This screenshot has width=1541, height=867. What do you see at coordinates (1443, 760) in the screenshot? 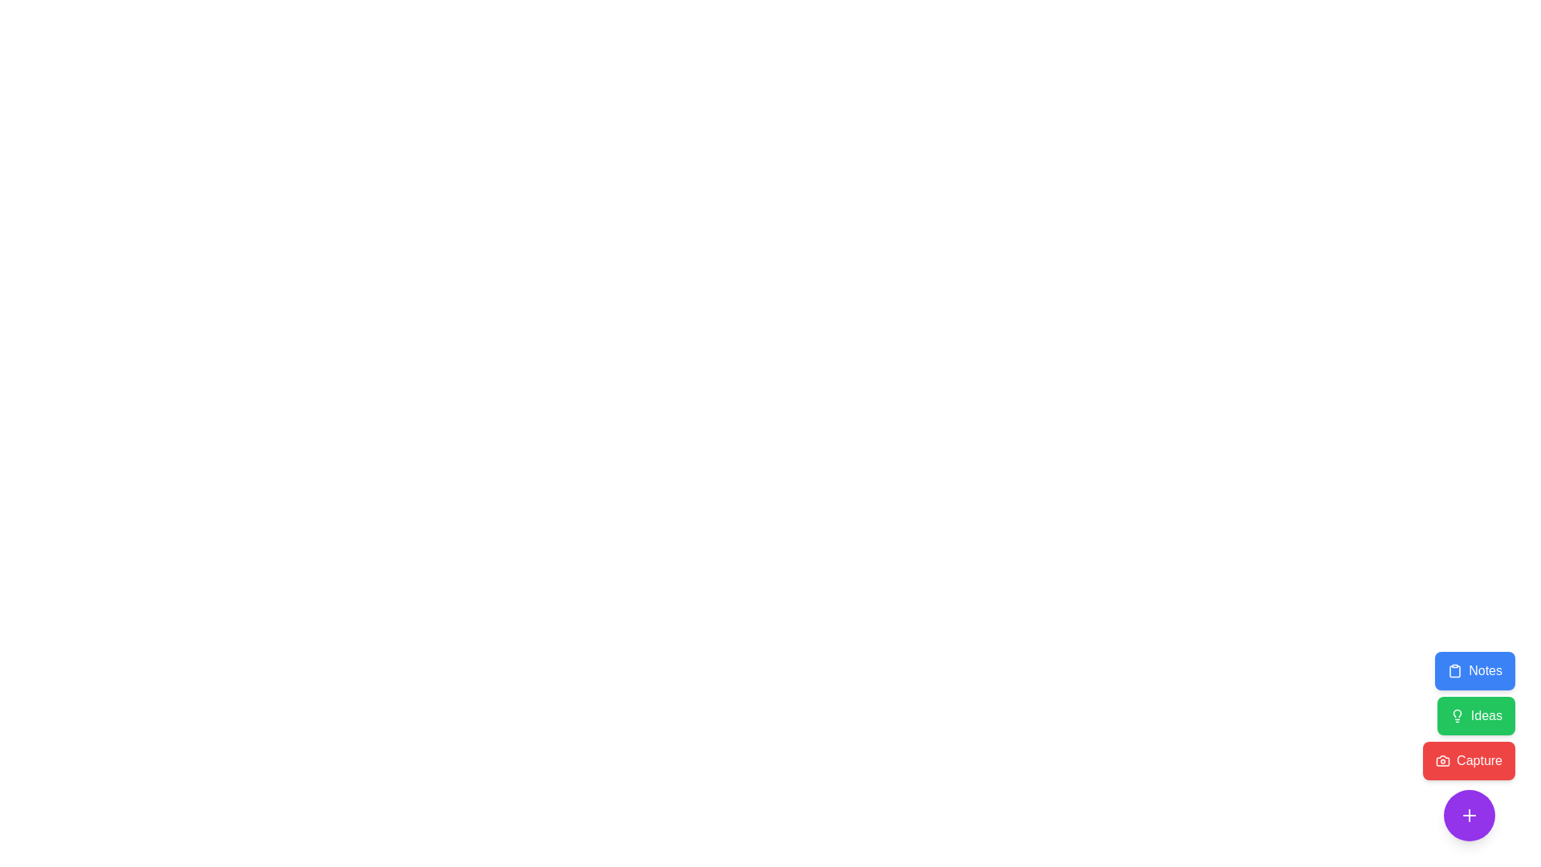
I see `the camera icon located inside the red 'Capture' button, which is part of a vertically stacked button group on the lower-right edge of the interface` at bounding box center [1443, 760].